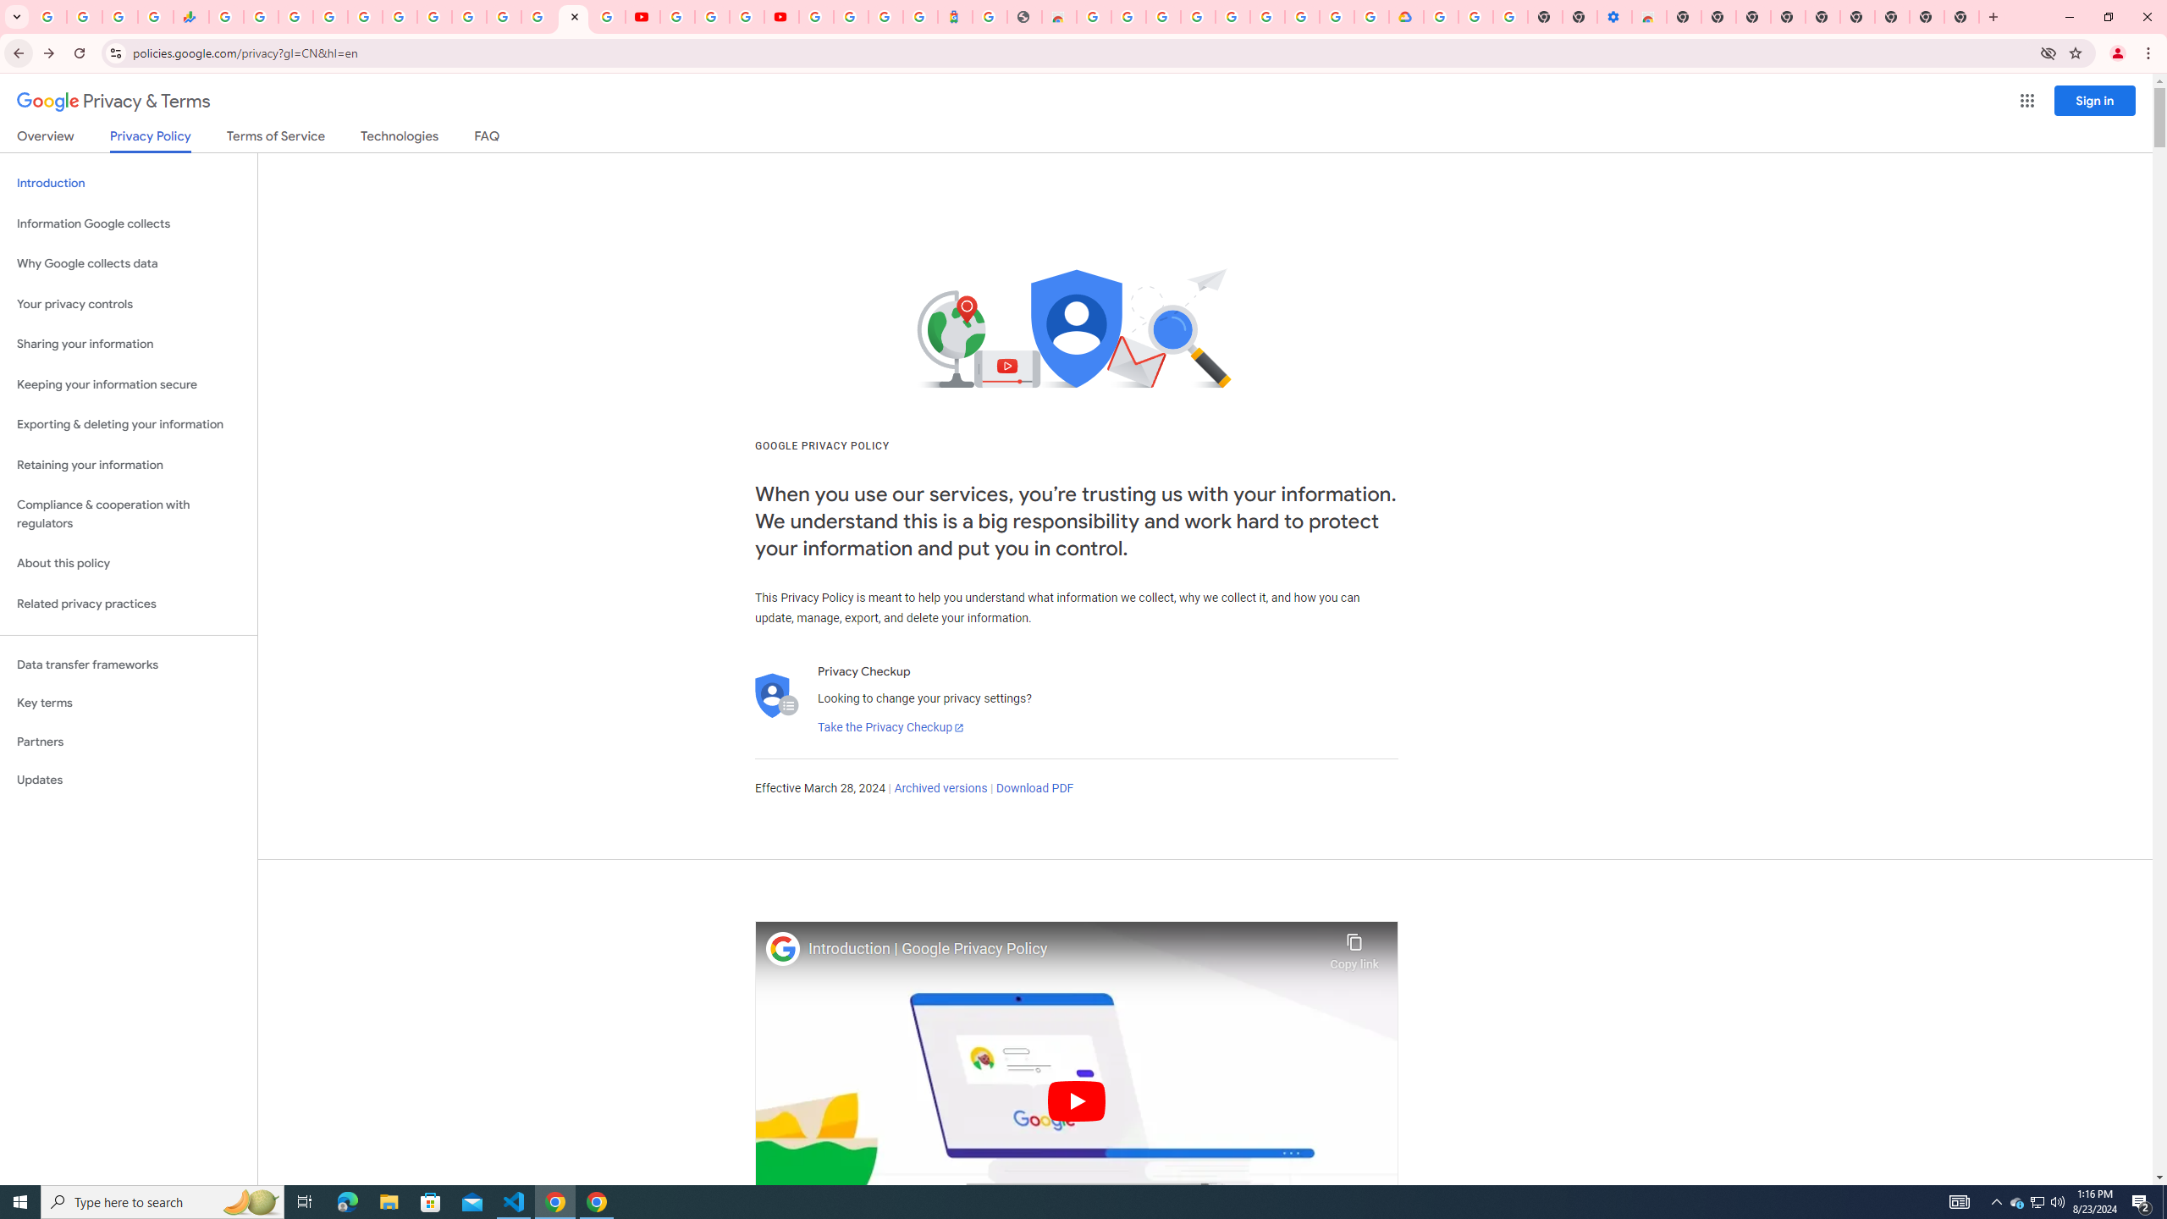 The width and height of the screenshot is (2167, 1219). What do you see at coordinates (275, 139) in the screenshot?
I see `'Terms of Service'` at bounding box center [275, 139].